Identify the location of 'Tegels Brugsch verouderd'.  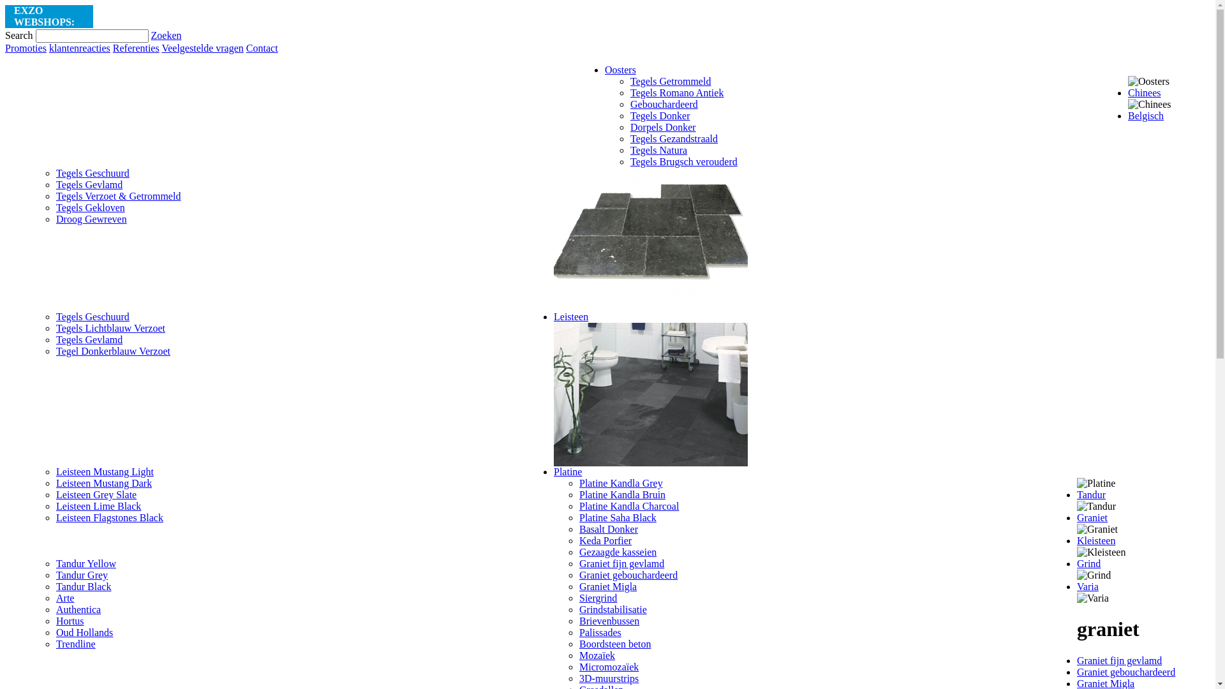
(683, 161).